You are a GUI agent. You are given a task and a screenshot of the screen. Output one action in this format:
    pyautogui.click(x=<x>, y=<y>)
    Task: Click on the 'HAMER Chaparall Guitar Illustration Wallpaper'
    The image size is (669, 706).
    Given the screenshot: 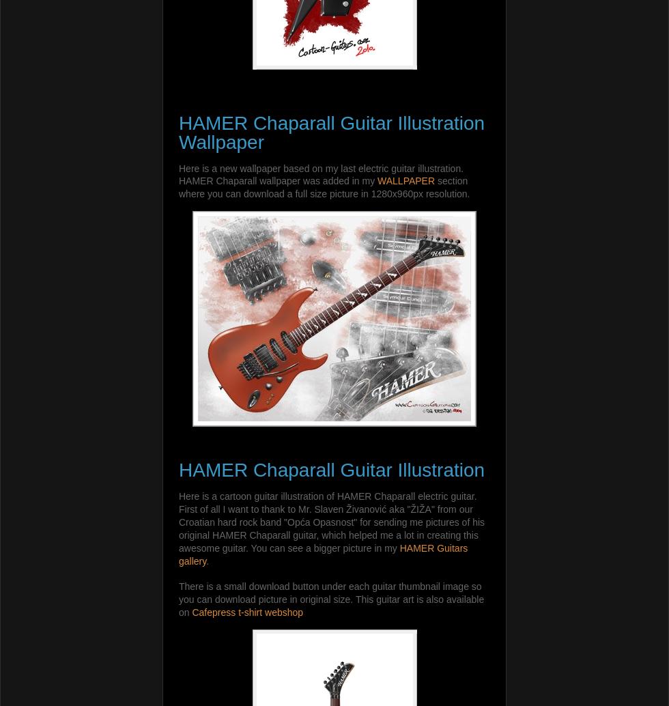 What is the action you would take?
    pyautogui.click(x=331, y=132)
    